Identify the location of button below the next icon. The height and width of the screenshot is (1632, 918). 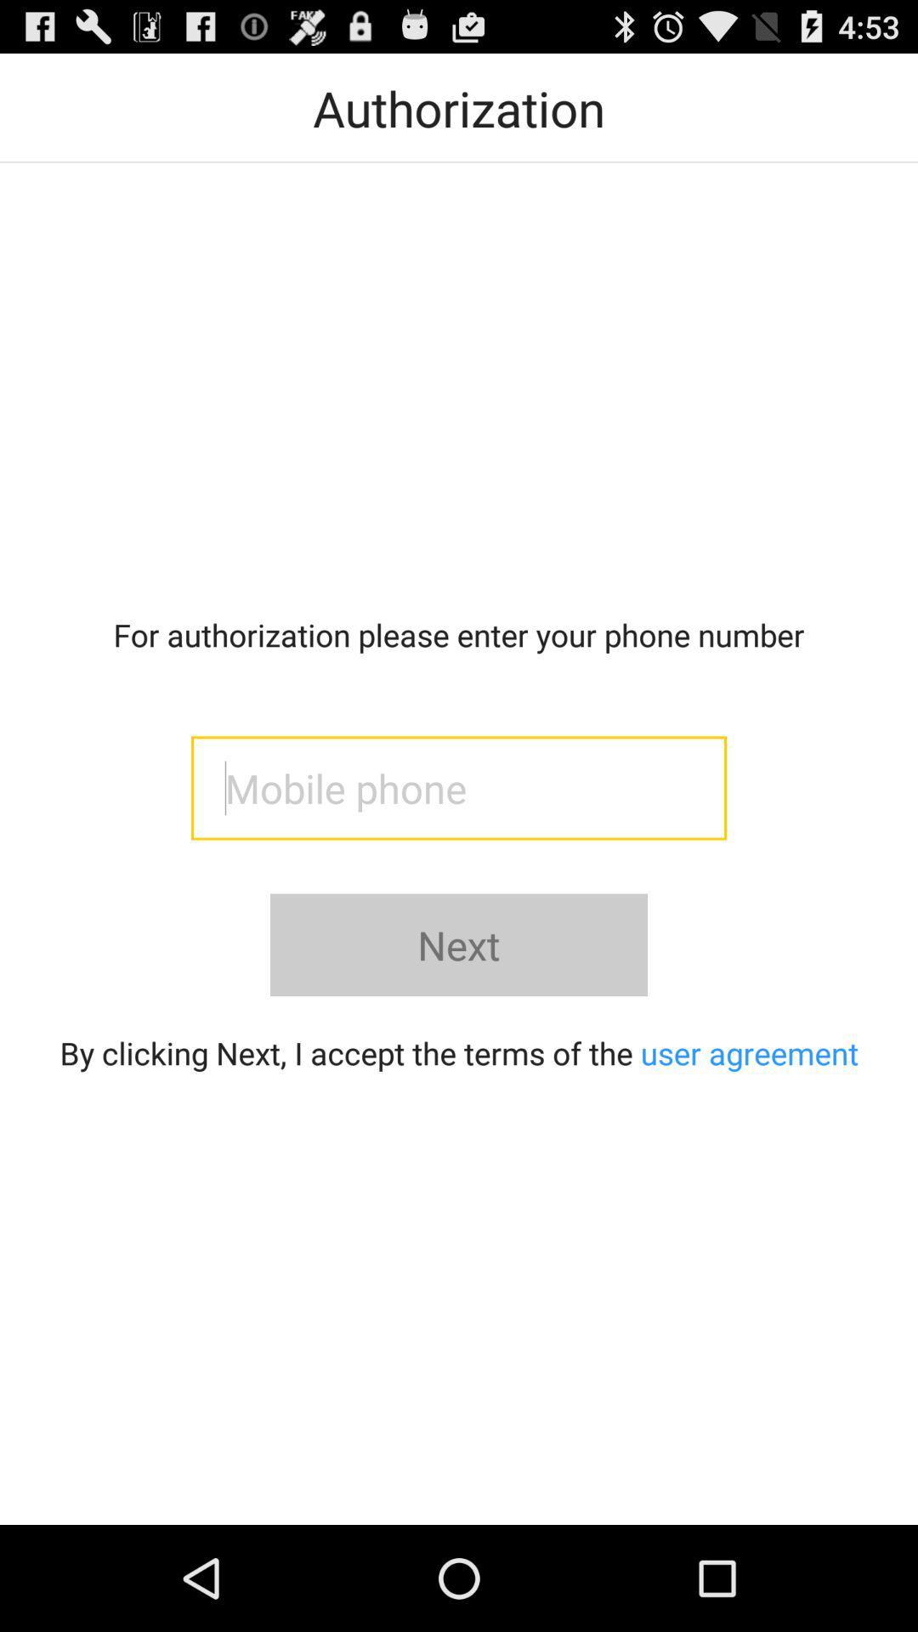
(459, 1051).